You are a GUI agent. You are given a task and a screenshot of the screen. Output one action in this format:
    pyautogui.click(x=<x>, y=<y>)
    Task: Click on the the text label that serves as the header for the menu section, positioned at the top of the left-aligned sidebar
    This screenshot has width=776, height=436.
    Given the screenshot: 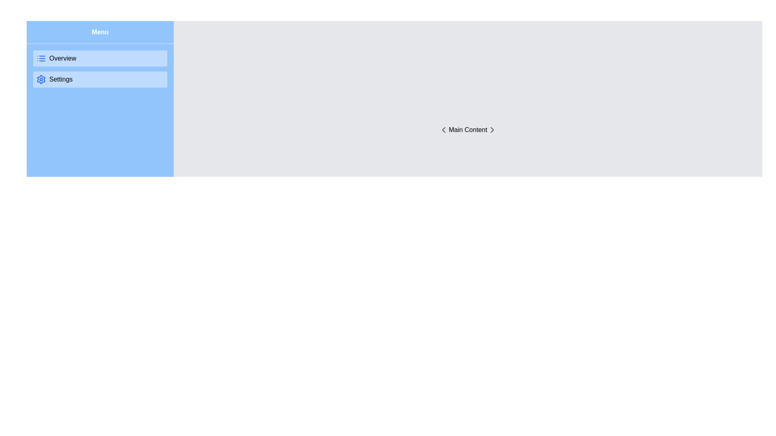 What is the action you would take?
    pyautogui.click(x=100, y=32)
    